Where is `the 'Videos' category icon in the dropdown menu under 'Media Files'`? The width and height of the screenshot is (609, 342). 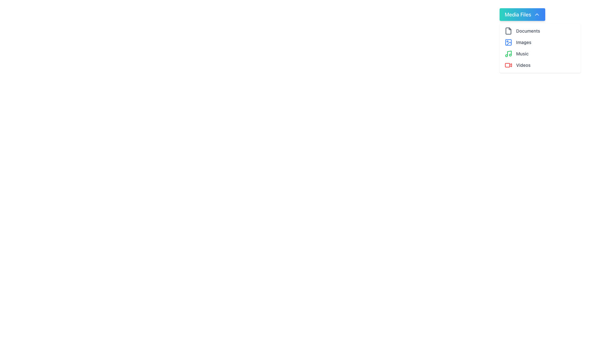
the 'Videos' category icon in the dropdown menu under 'Media Files' is located at coordinates (508, 65).